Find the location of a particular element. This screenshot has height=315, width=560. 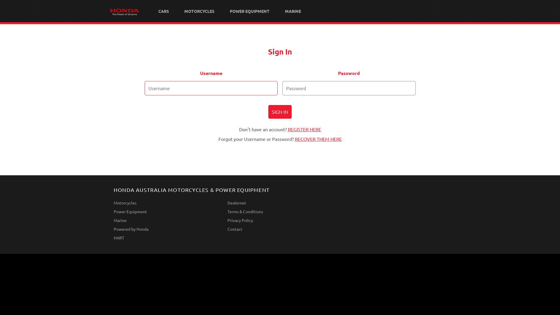

'CARS' is located at coordinates (163, 11).